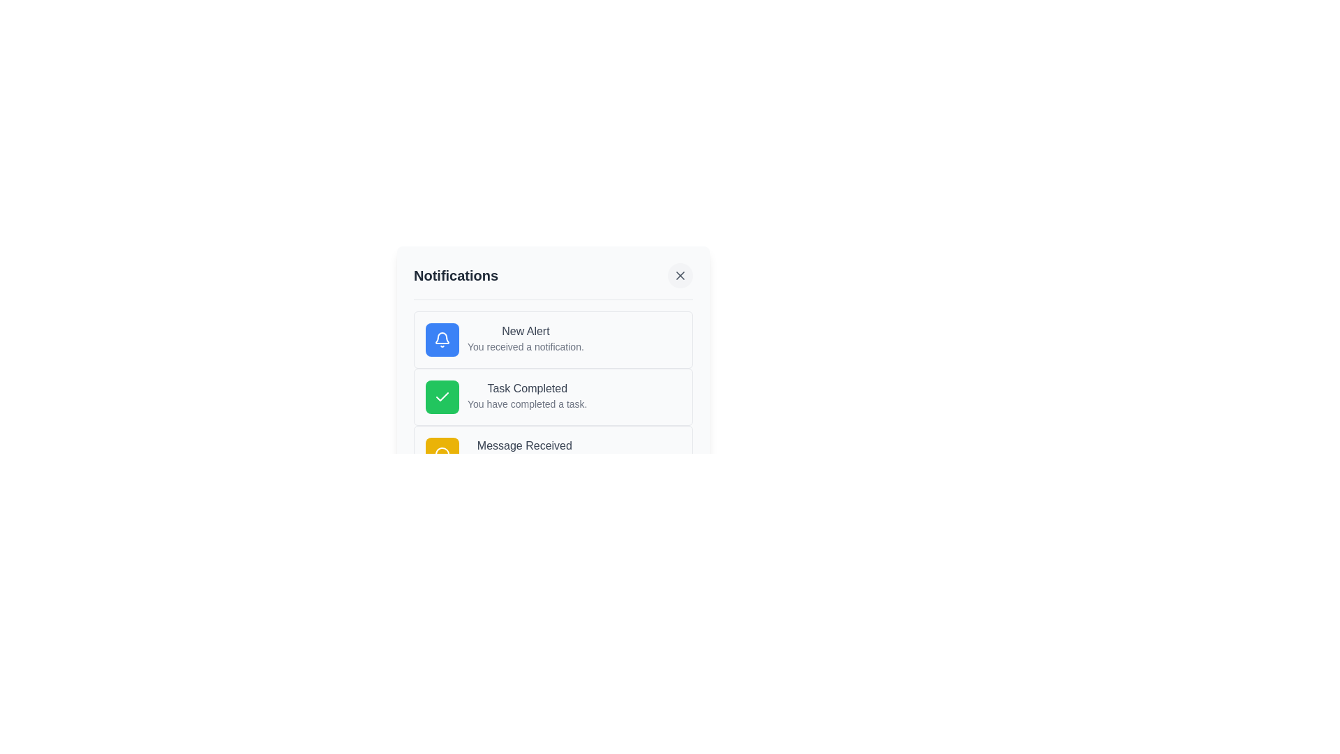 This screenshot has height=754, width=1340. I want to click on the textual notification item that displays 'Message Received' and 'You have a new message.', so click(523, 452).